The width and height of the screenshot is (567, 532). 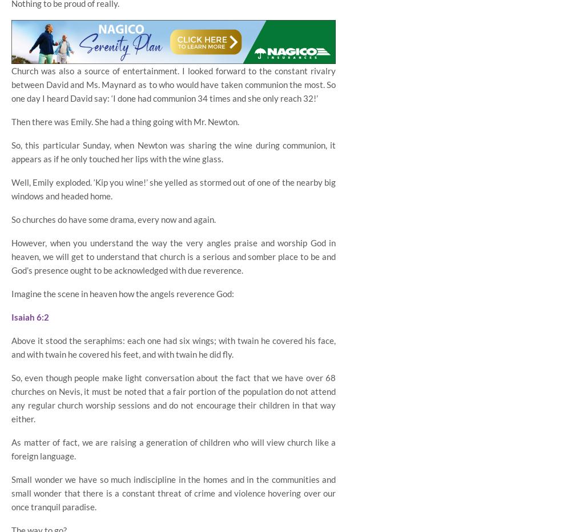 What do you see at coordinates (173, 449) in the screenshot?
I see `'As matter of fact, we are raising a generation of children who will view church like a foreign language.'` at bounding box center [173, 449].